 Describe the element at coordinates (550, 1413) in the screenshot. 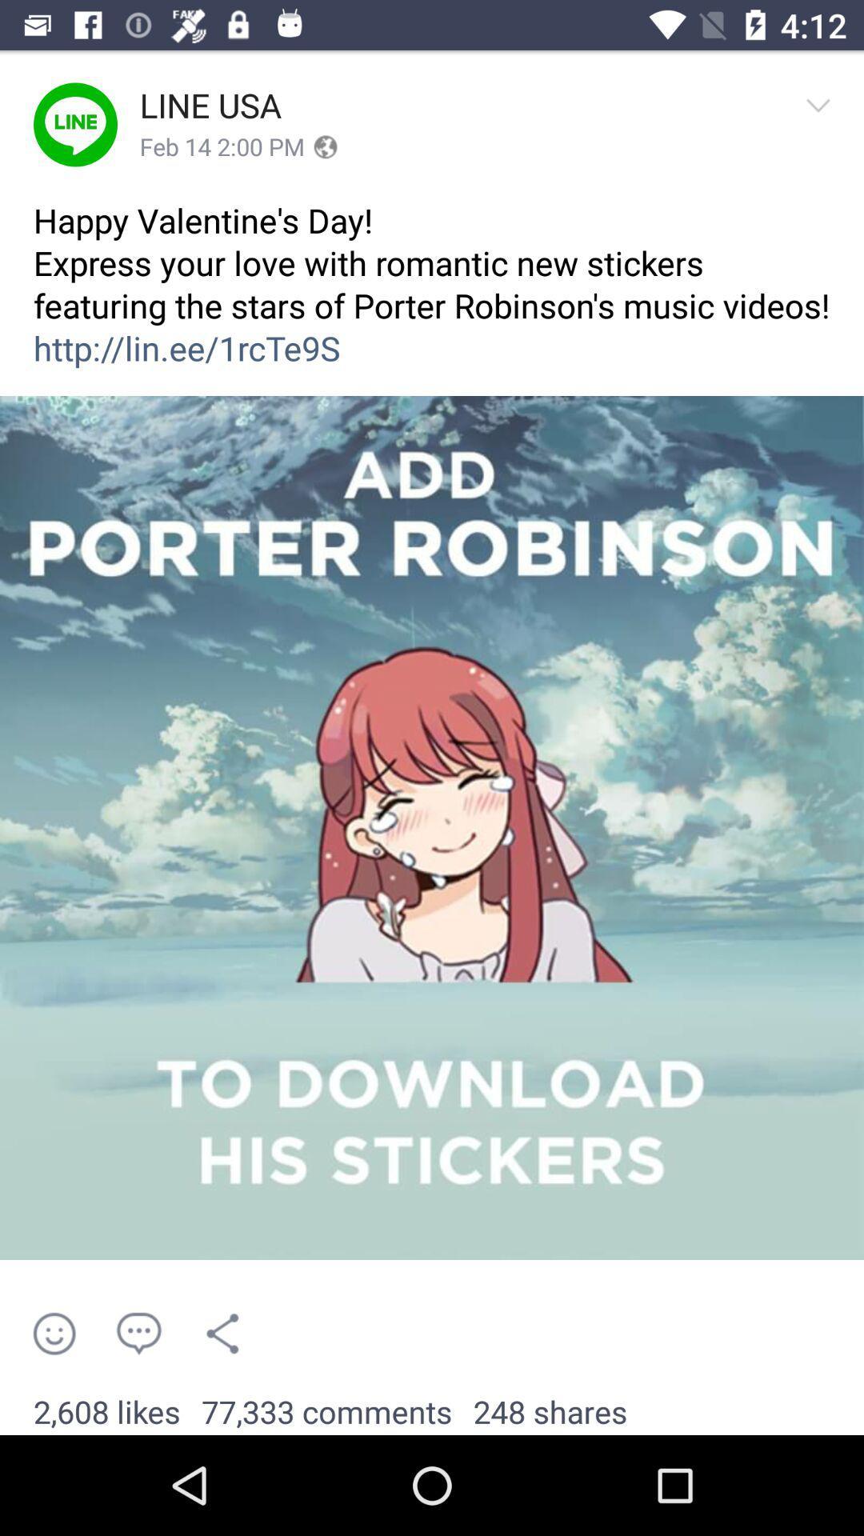

I see `248 shares` at that location.